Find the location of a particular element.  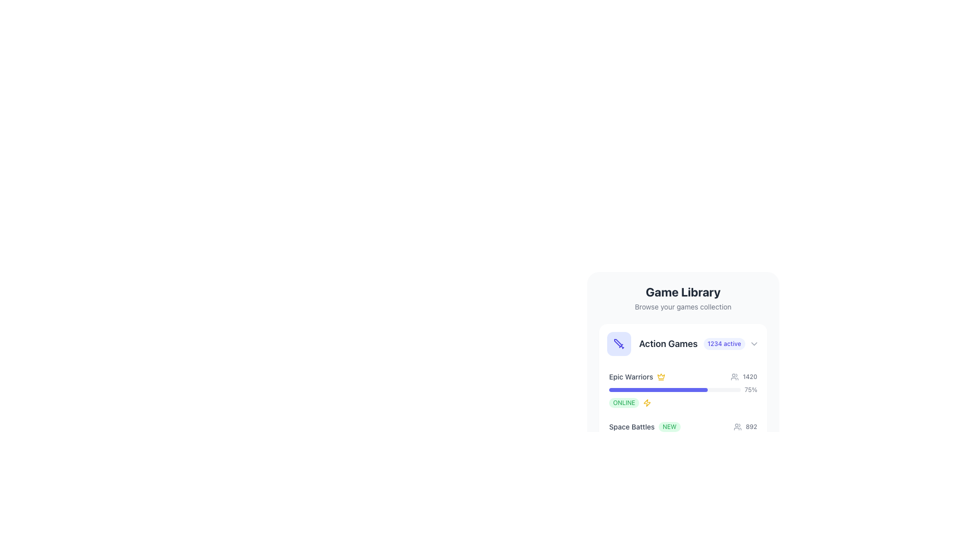

the yellow crown icon located to the right of the 'Epic Warriors' text in the 'Game Library' under the 'Action Games' section is located at coordinates (661, 376).